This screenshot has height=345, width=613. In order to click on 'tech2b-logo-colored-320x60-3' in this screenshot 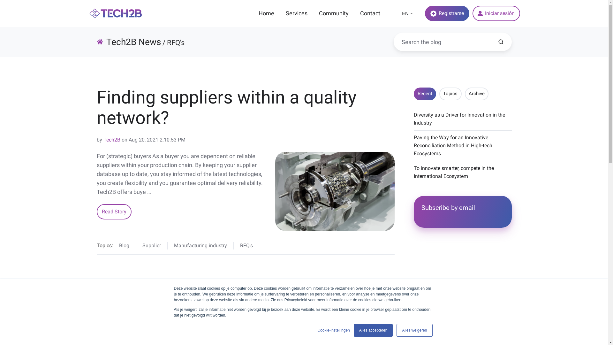, I will do `click(115, 13)`.